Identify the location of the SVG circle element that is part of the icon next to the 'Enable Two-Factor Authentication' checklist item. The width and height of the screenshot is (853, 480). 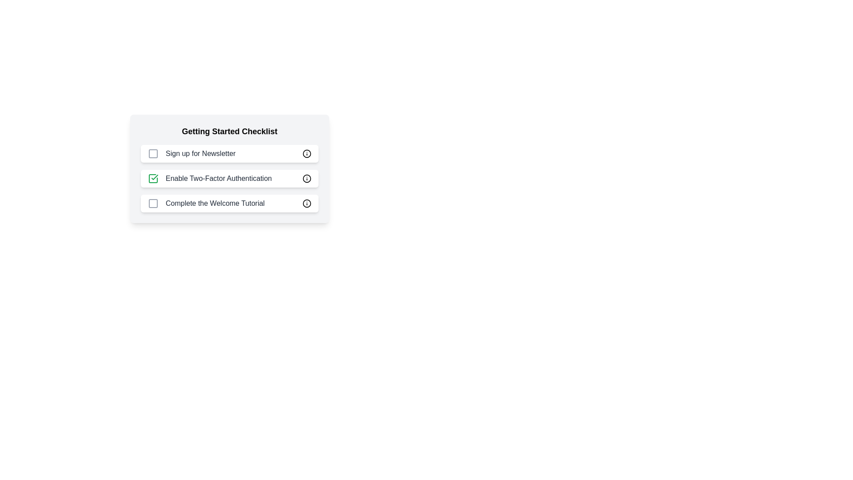
(307, 178).